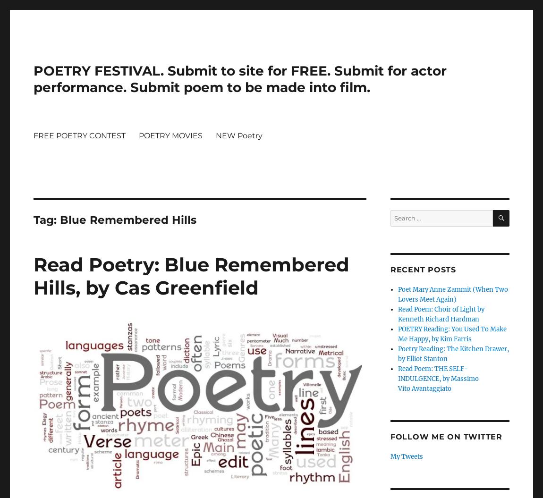  Describe the element at coordinates (453, 354) in the screenshot. I see `'Poetry Reading: The Kitchen Drawer, by Elliot Stanton'` at that location.